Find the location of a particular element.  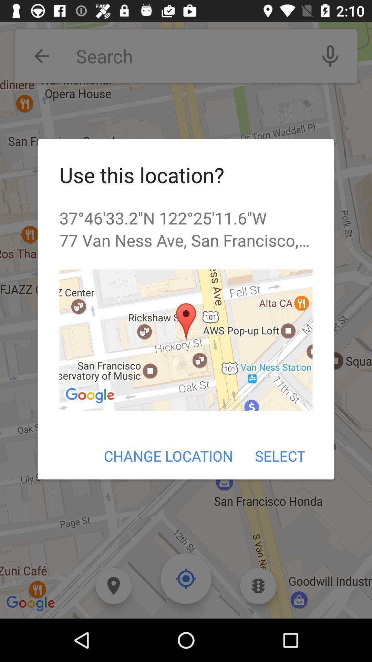

the item next to the change location icon is located at coordinates (280, 456).